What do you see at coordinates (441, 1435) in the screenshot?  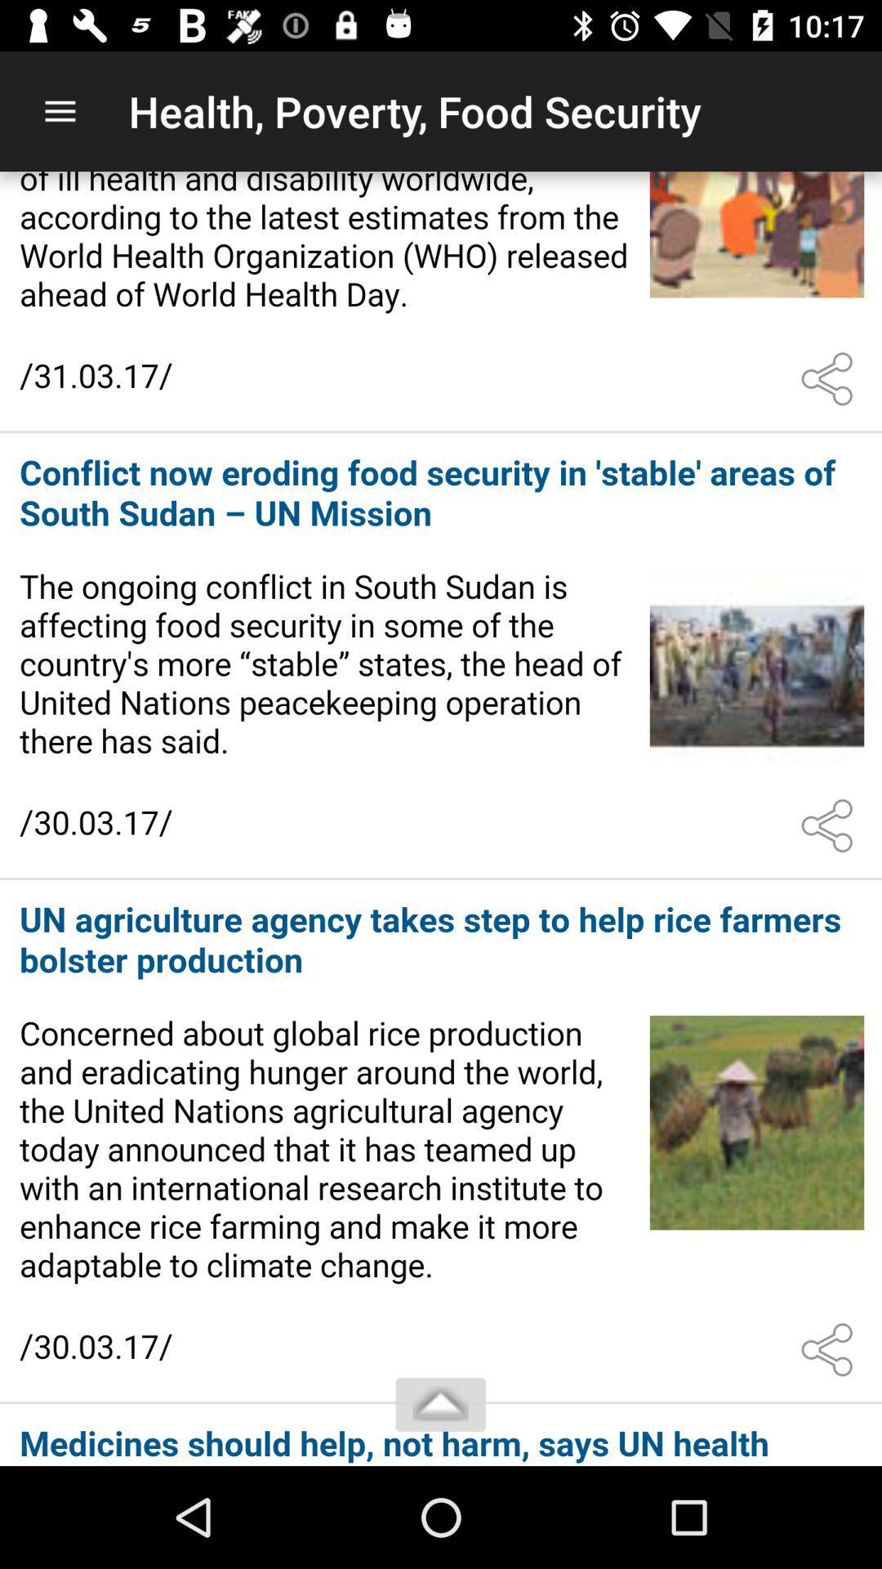 I see `connect to advertisement` at bounding box center [441, 1435].